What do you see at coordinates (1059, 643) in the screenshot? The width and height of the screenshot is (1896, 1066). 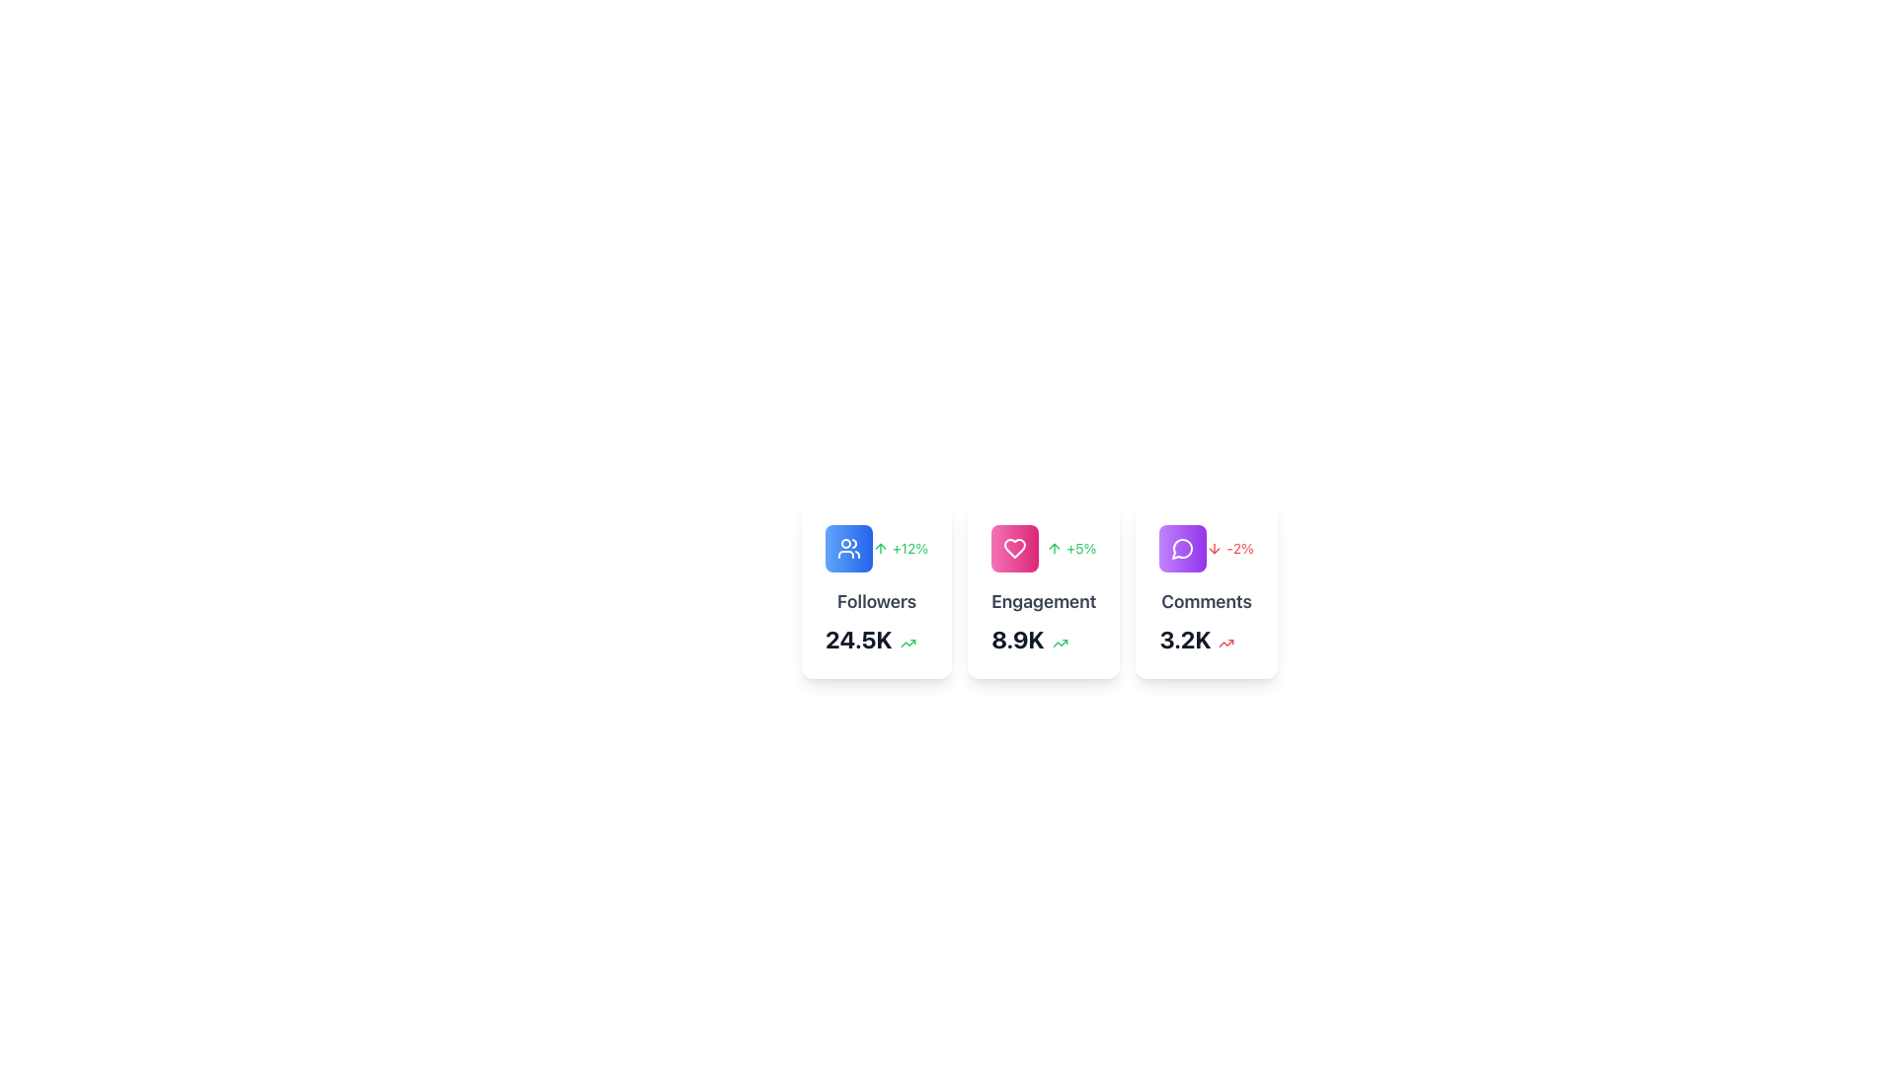 I see `the upward arrow icon styled with a green-like coloration, located next to the text '8.9K' in the 'Engagement' card` at bounding box center [1059, 643].